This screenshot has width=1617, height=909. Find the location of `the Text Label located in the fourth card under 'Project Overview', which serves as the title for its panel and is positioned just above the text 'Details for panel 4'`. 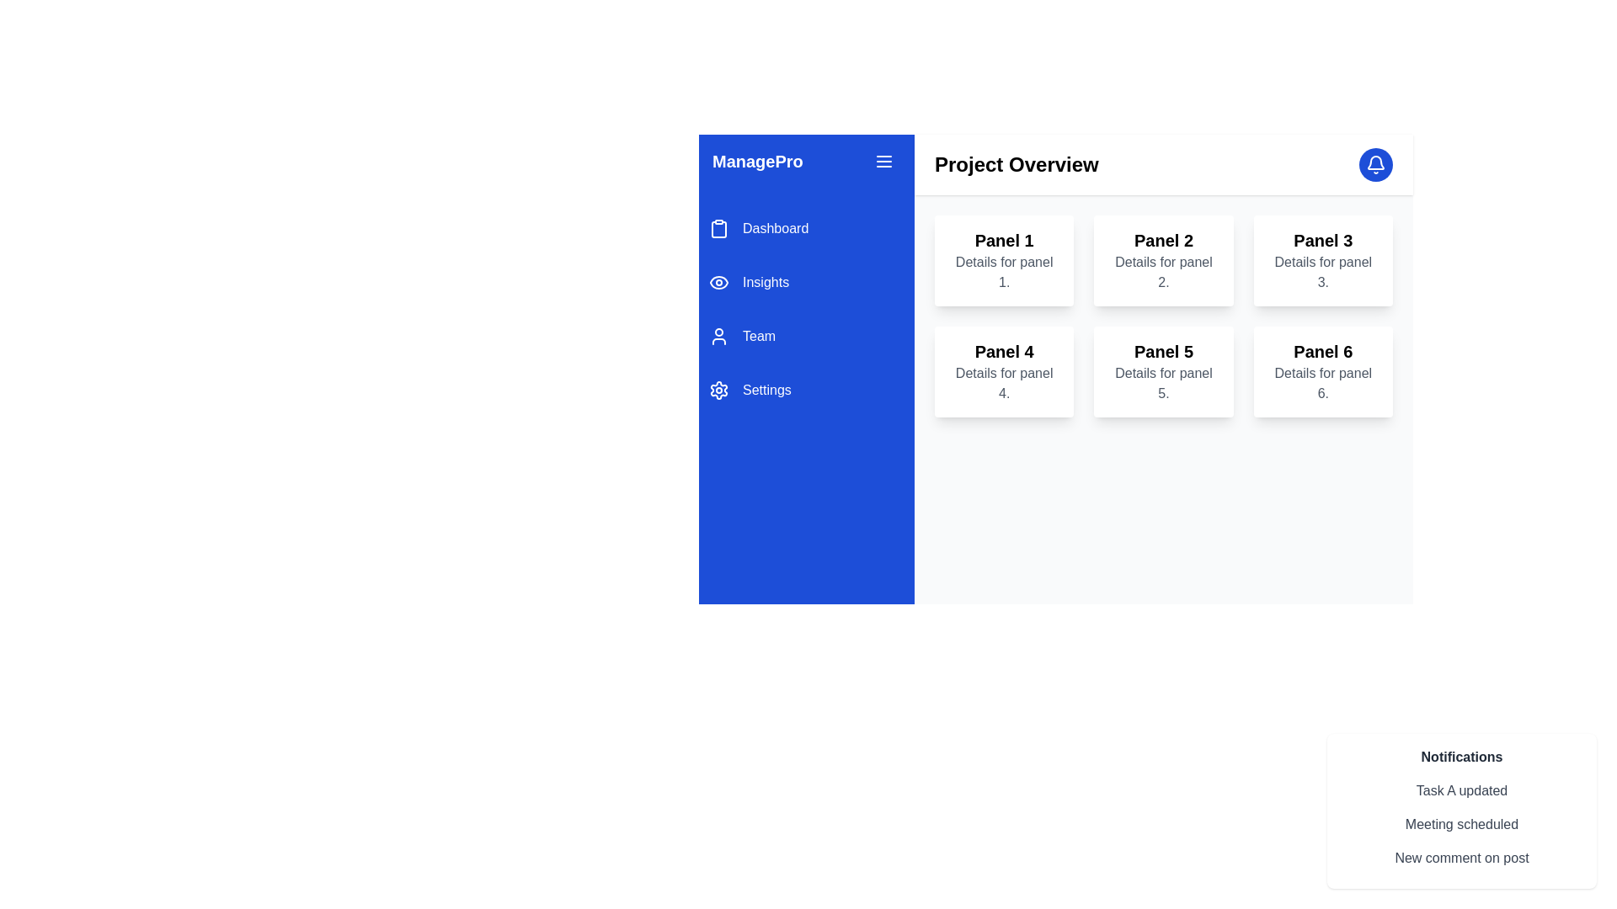

the Text Label located in the fourth card under 'Project Overview', which serves as the title for its panel and is positioned just above the text 'Details for panel 4' is located at coordinates (1004, 350).